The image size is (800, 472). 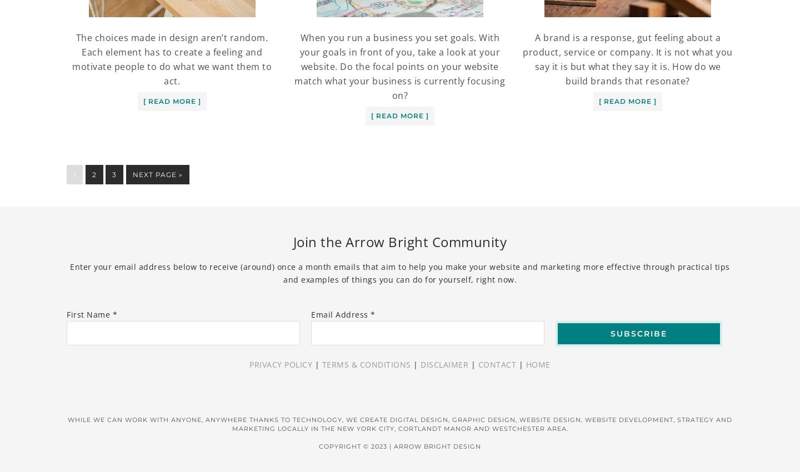 What do you see at coordinates (292, 241) in the screenshot?
I see `'Join the Arrow Bright Community'` at bounding box center [292, 241].